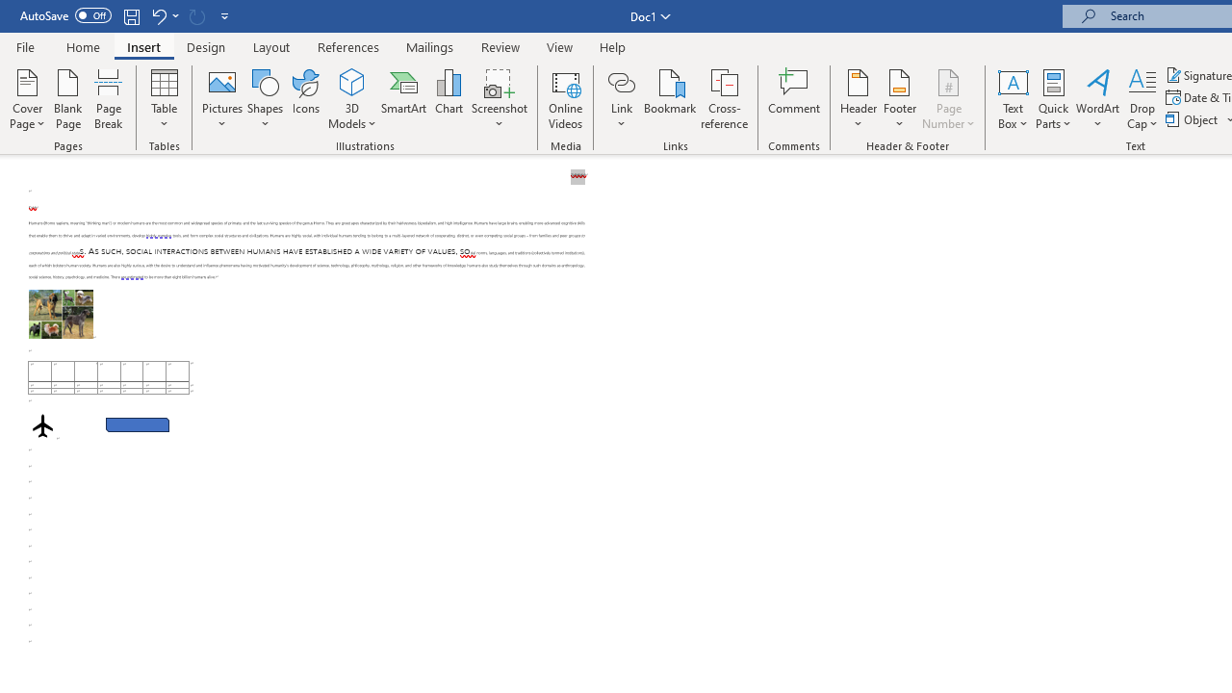 The height and width of the screenshot is (693, 1232). I want to click on 'Undo Apply Quick Style Set', so click(164, 15).